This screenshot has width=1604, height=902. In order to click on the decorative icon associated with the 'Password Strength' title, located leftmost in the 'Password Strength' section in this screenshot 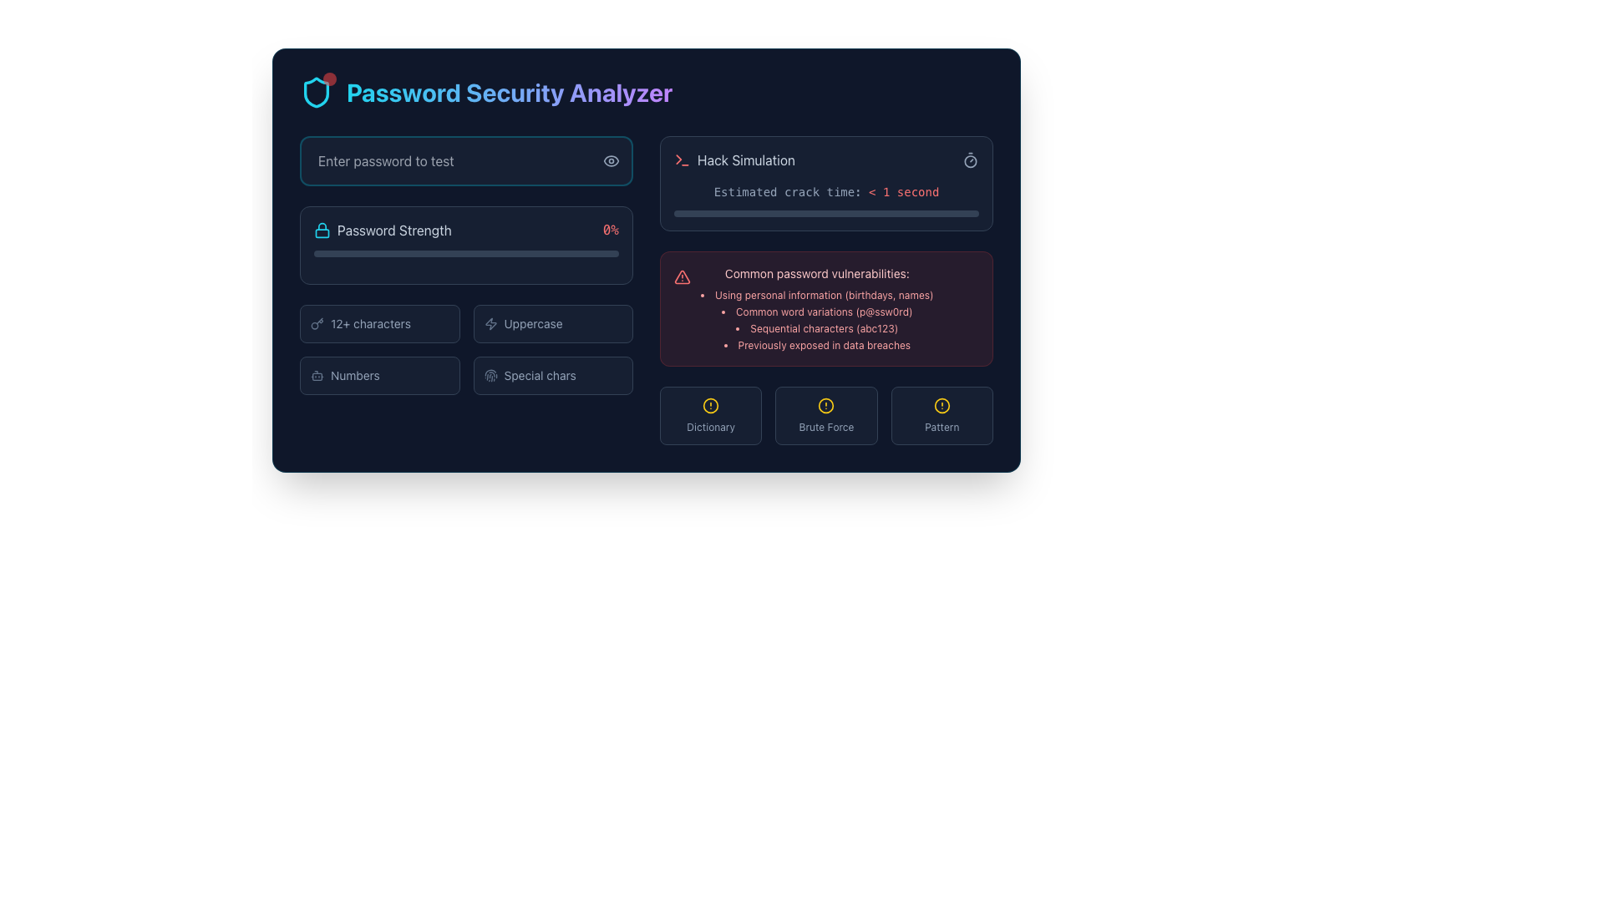, I will do `click(322, 231)`.